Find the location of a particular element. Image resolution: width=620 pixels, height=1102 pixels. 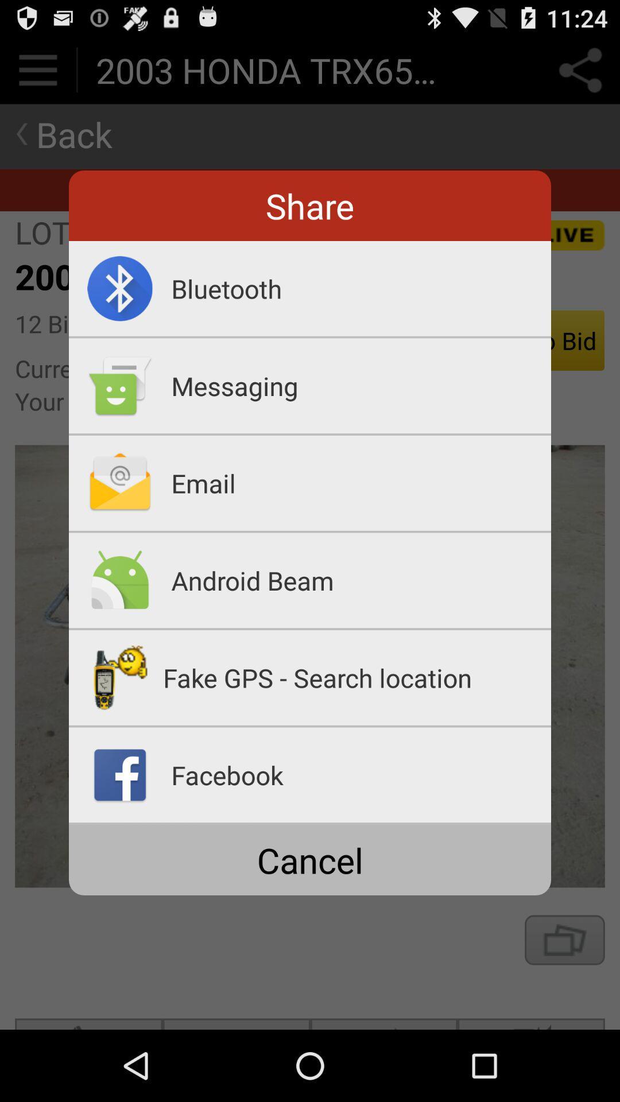

android beam is located at coordinates (361, 580).